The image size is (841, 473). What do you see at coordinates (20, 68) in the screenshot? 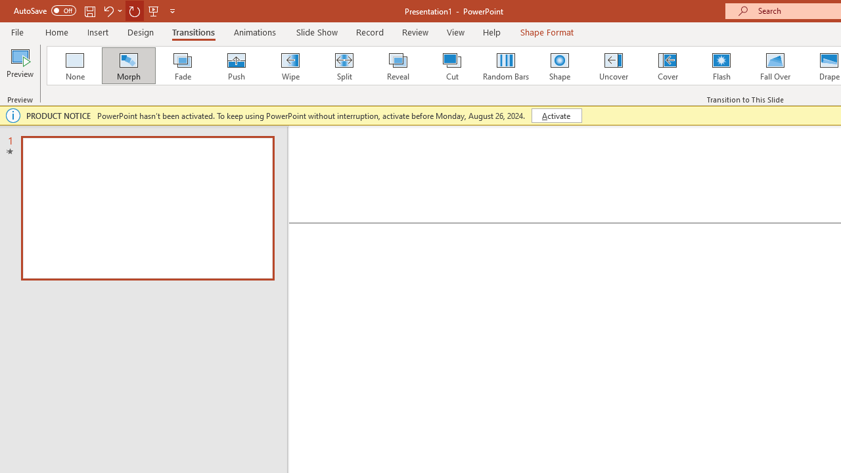
I see `'Preview'` at bounding box center [20, 68].